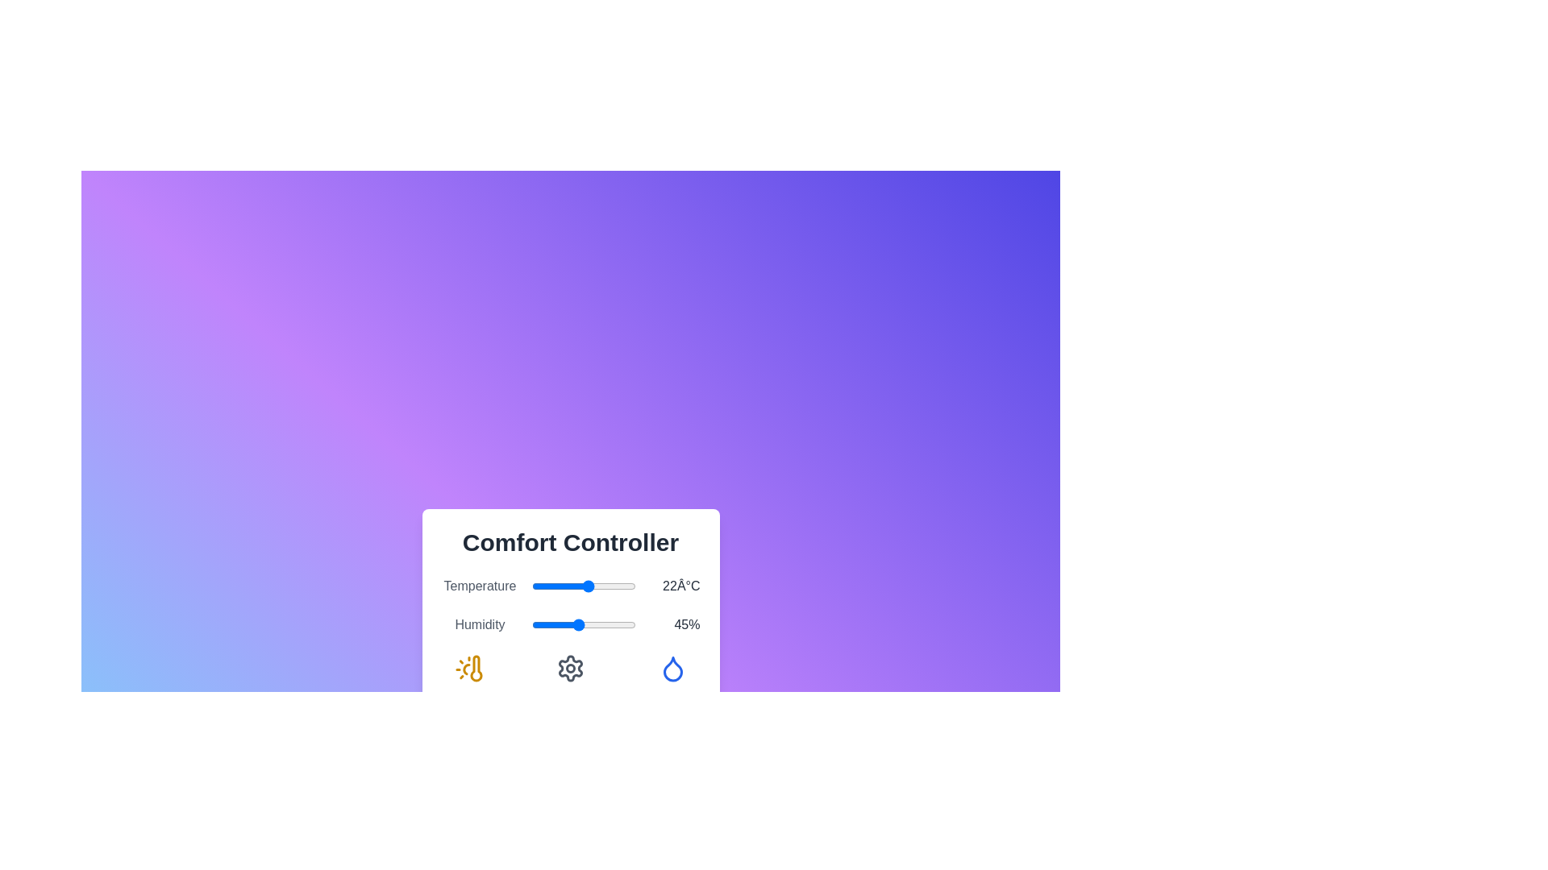  Describe the element at coordinates (531, 586) in the screenshot. I see `the temperature slider to set the temperature to 0°C` at that location.